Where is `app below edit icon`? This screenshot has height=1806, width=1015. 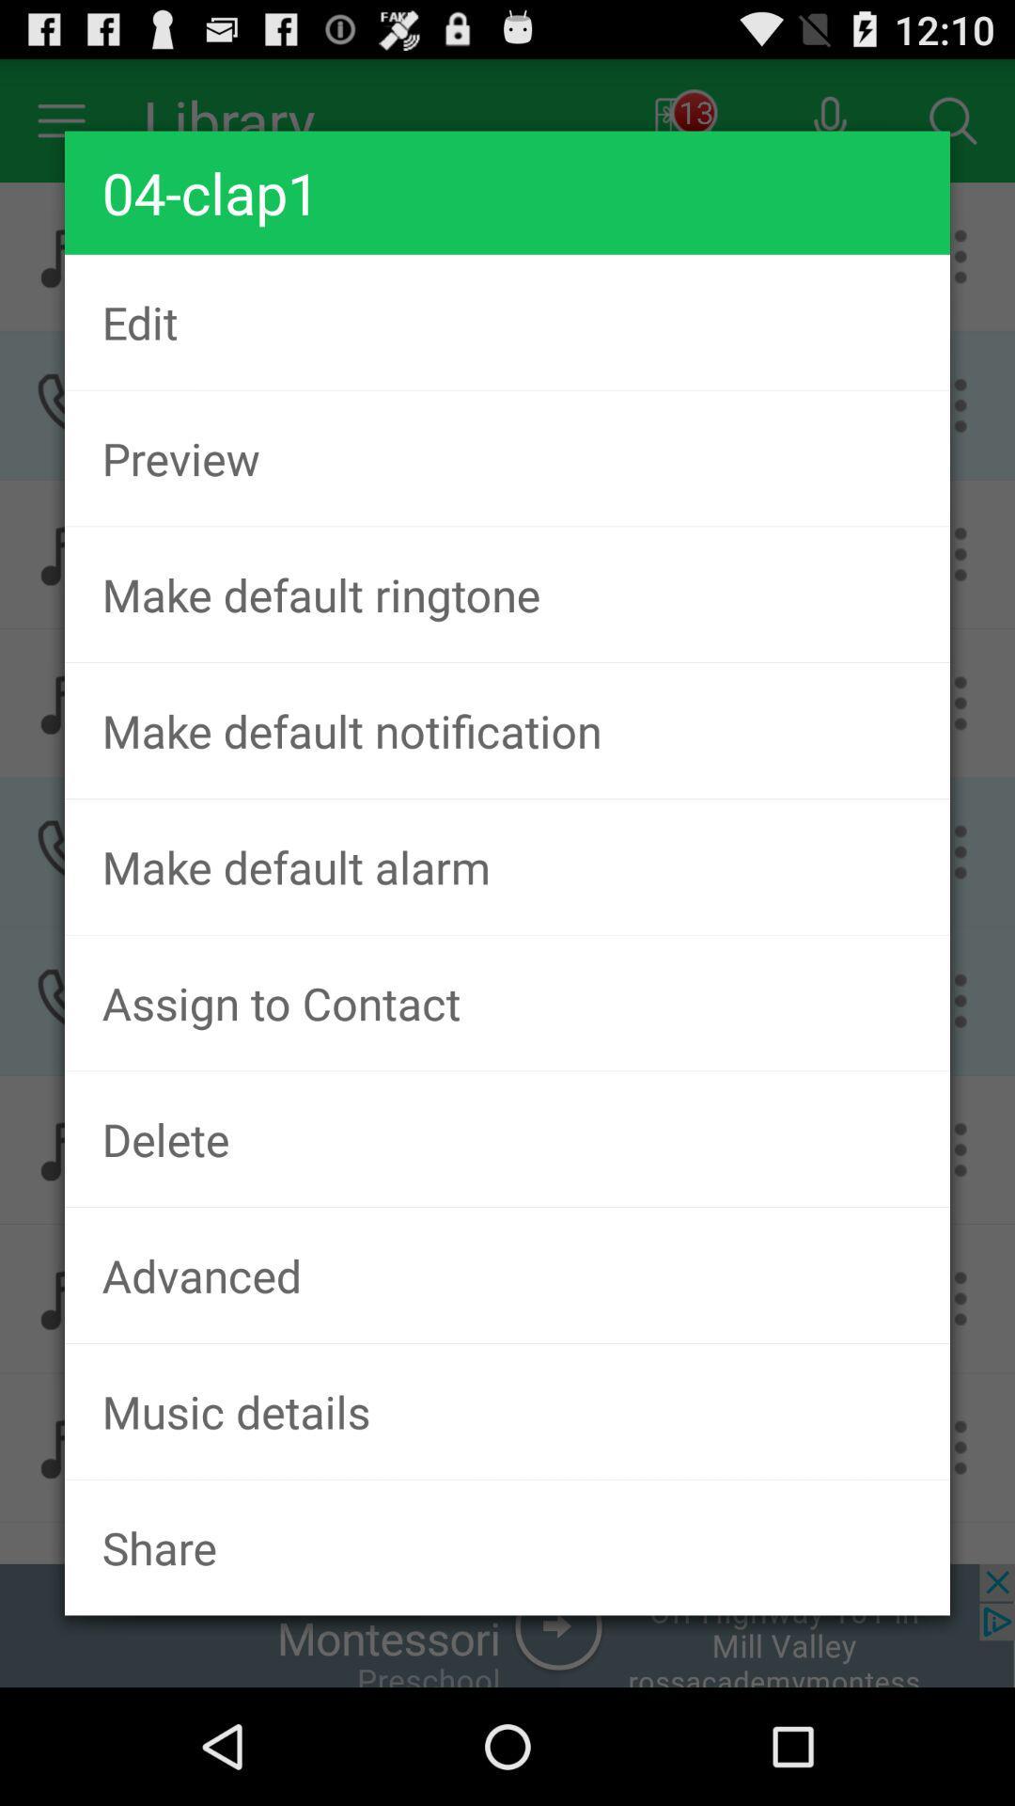
app below edit icon is located at coordinates (507, 458).